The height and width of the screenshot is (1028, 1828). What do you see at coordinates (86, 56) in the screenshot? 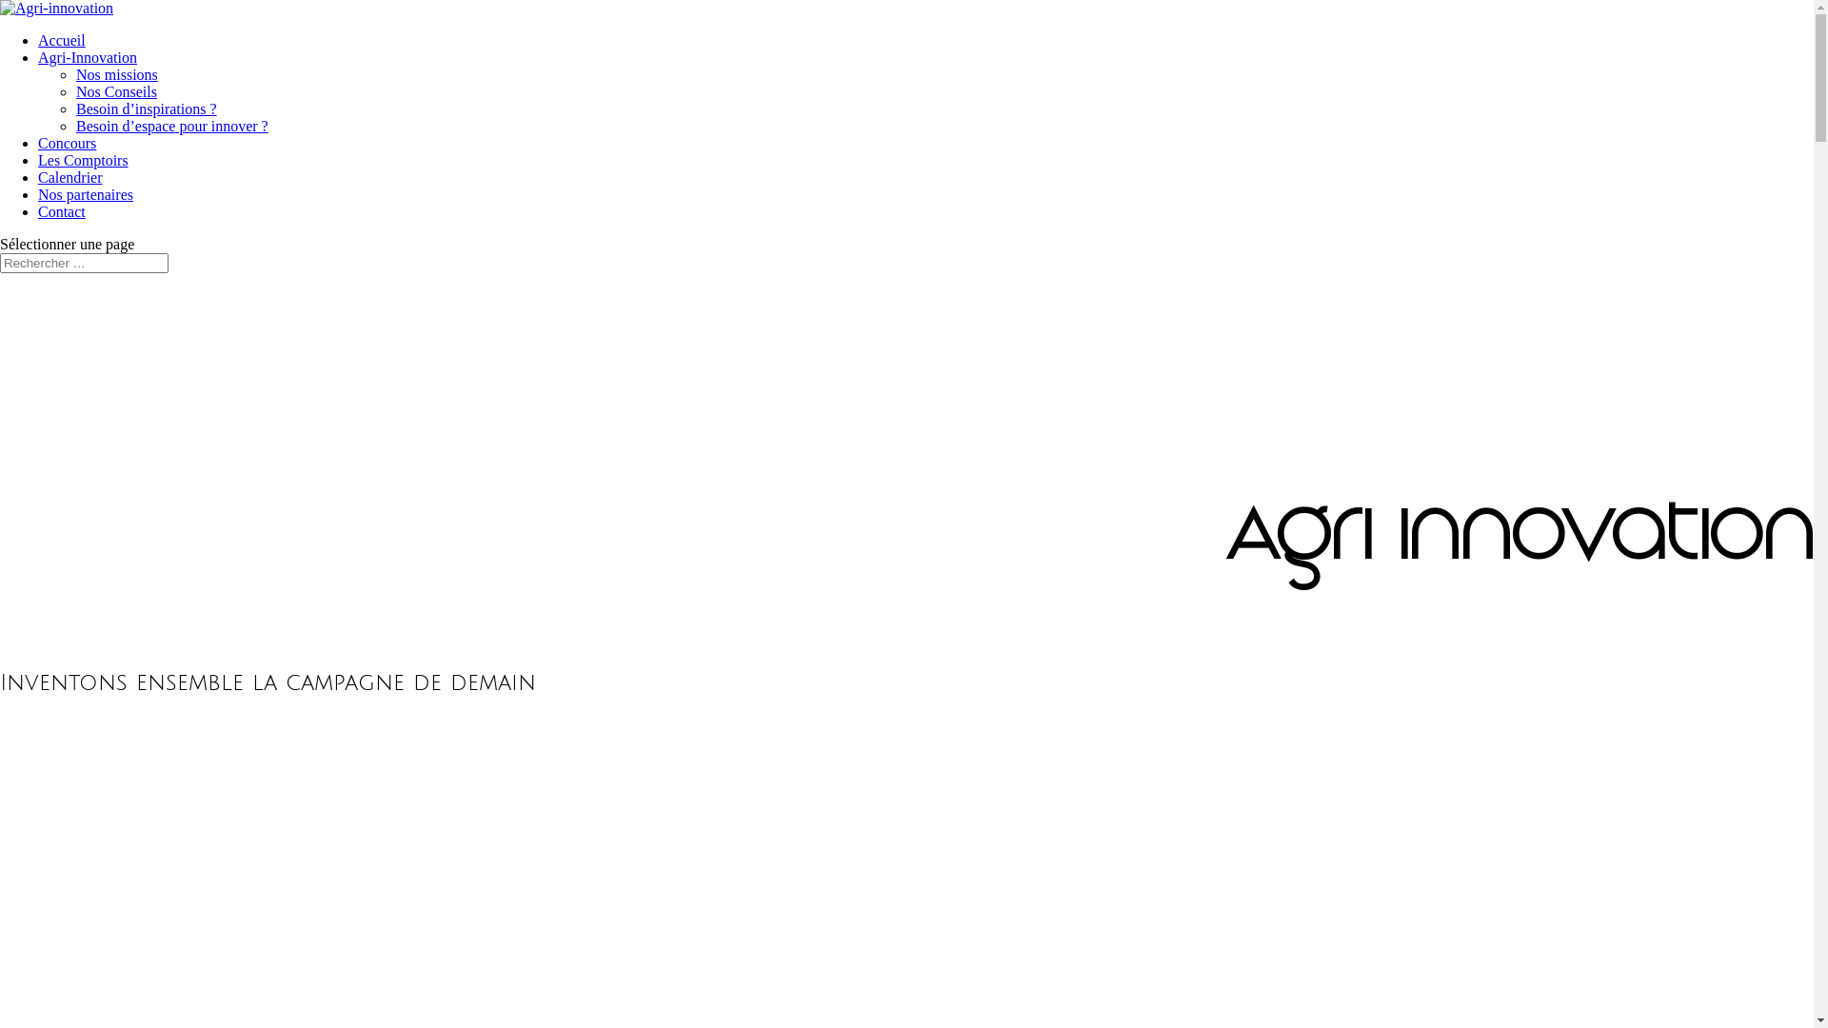
I see `'Agri-Innovation'` at bounding box center [86, 56].